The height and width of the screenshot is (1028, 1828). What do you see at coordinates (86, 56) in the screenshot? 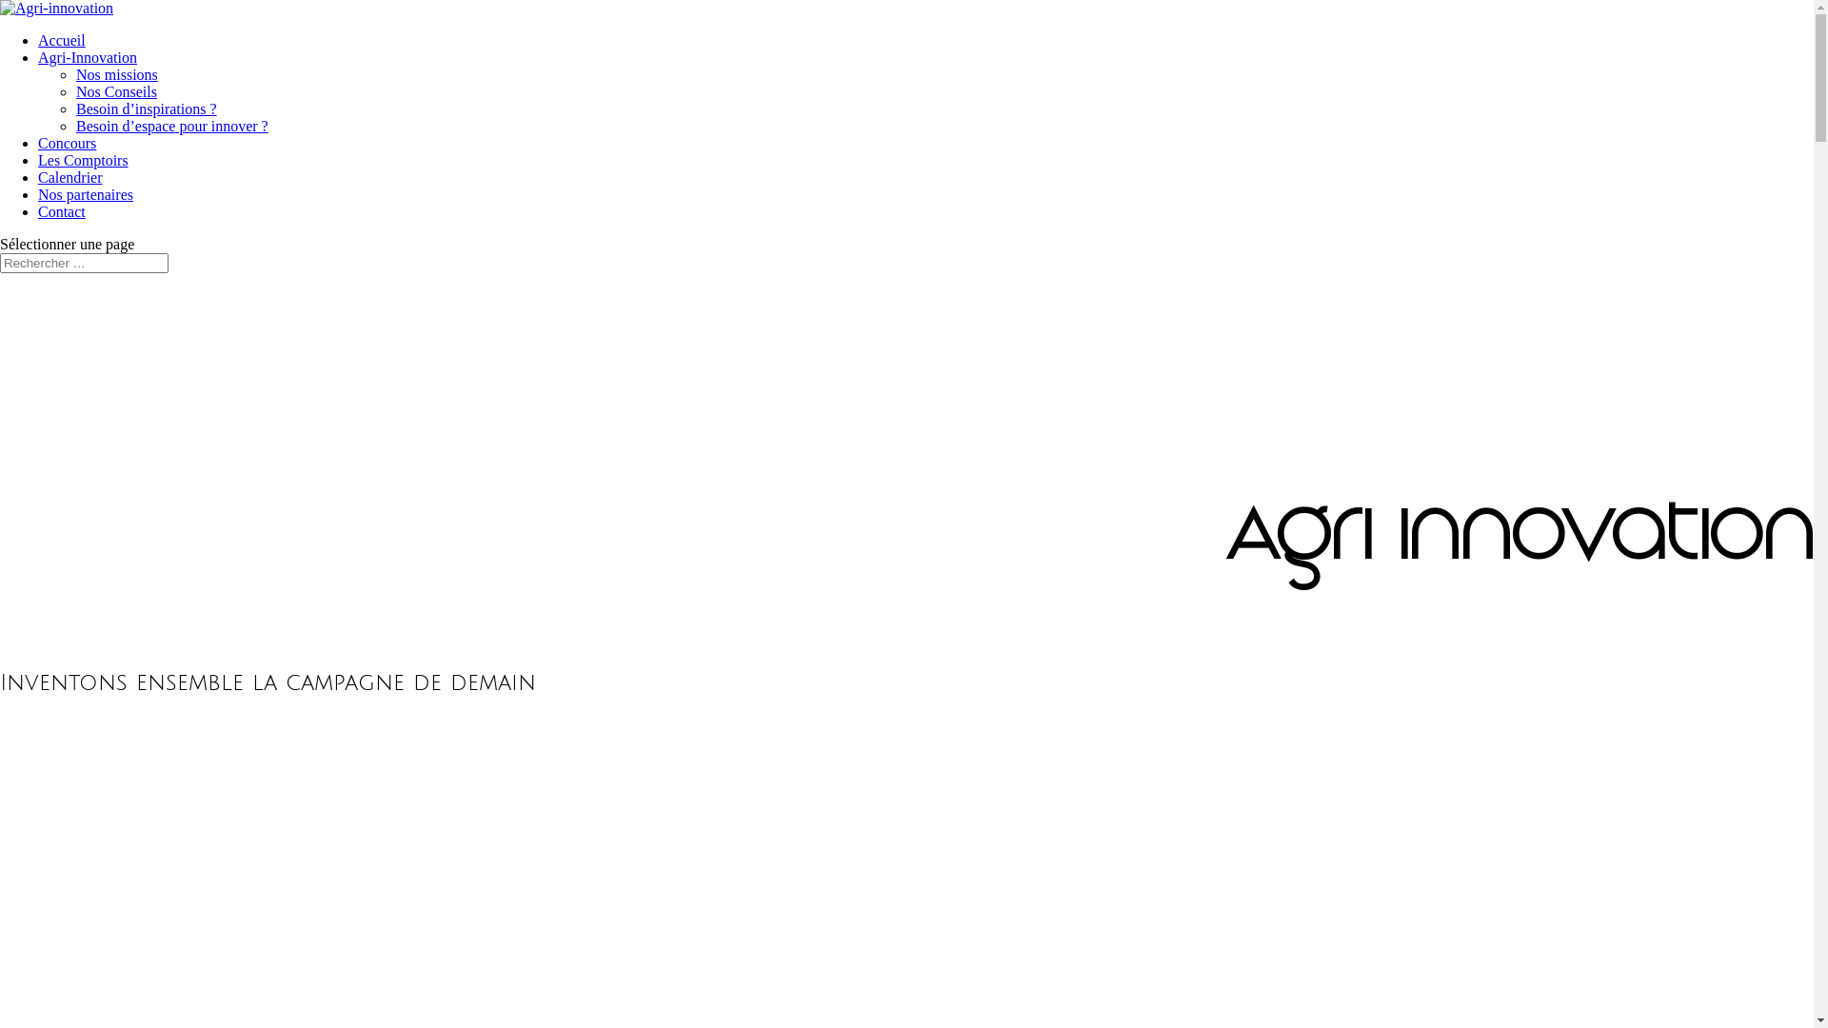
I see `'Agri-Innovation'` at bounding box center [86, 56].